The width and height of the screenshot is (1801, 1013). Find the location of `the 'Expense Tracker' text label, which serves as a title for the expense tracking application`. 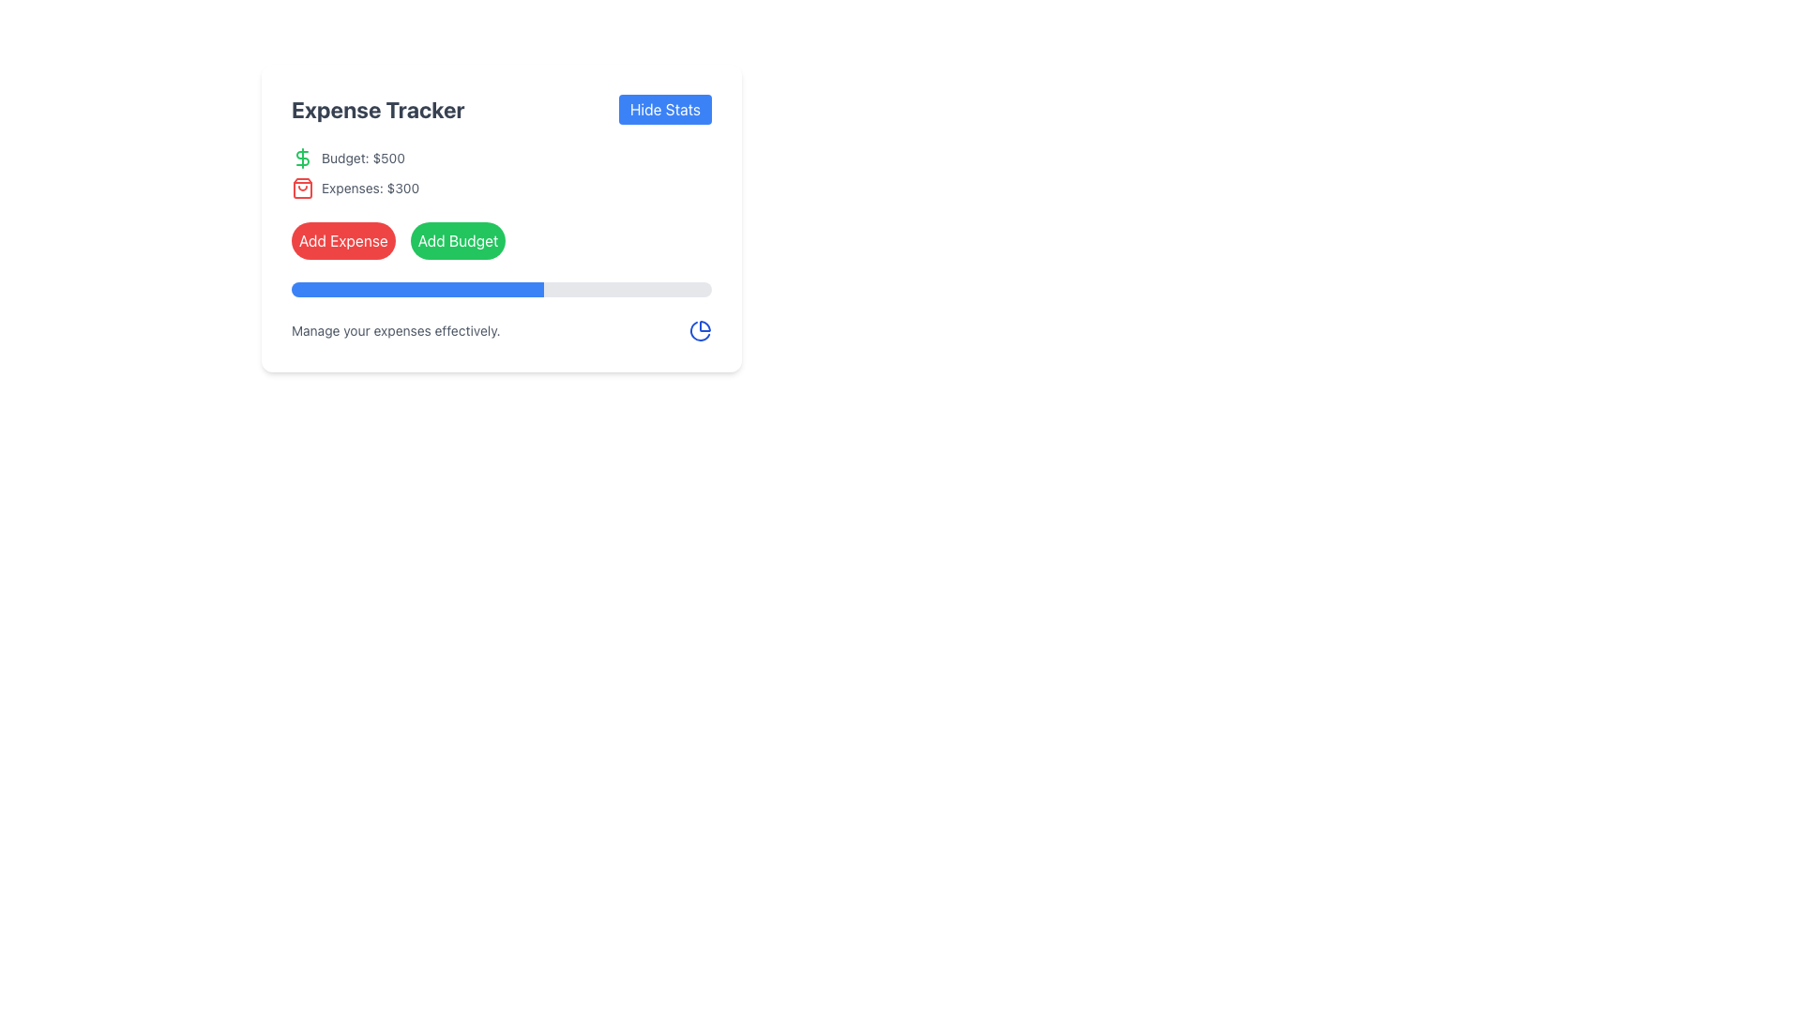

the 'Expense Tracker' text label, which serves as a title for the expense tracking application is located at coordinates (377, 109).